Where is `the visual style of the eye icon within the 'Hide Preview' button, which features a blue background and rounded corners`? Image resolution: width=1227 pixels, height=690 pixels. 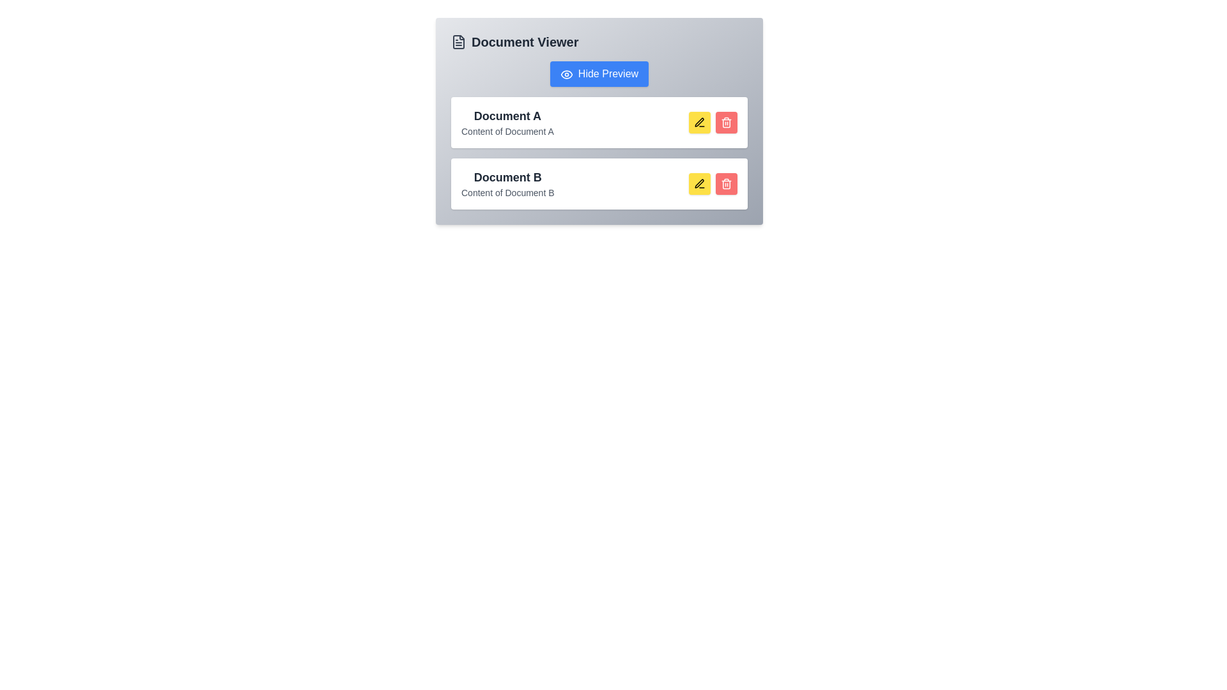 the visual style of the eye icon within the 'Hide Preview' button, which features a blue background and rounded corners is located at coordinates (566, 74).